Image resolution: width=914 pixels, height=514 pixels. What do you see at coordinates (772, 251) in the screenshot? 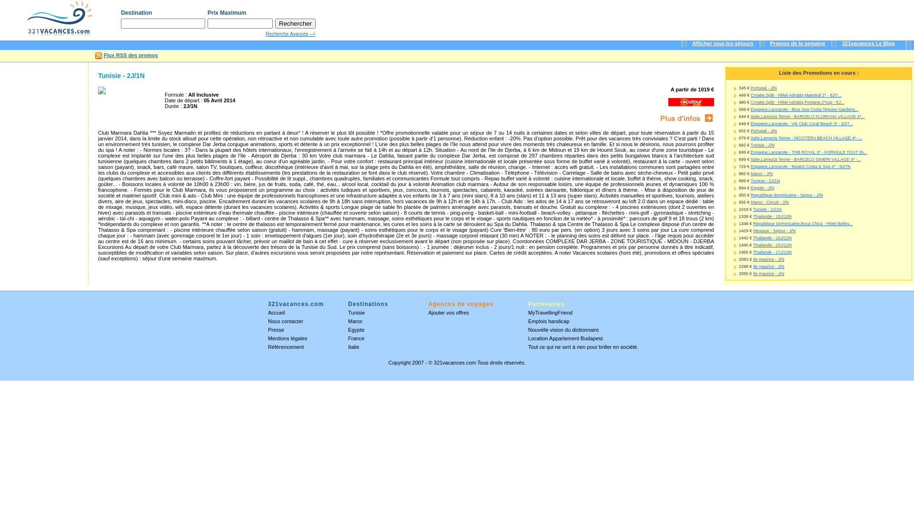
I see `'Thailande - 17J/14N'` at bounding box center [772, 251].